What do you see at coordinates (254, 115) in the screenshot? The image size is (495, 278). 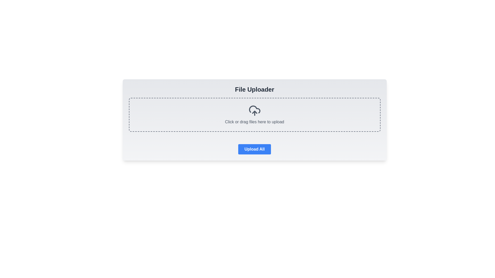 I see `the instructional text label that reads 'Click or drag files here to upload', which is styled in gray and located beneath the cloud upload icon` at bounding box center [254, 115].